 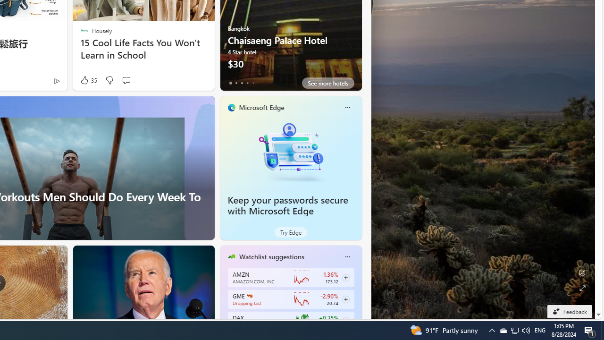 I want to click on '35 Like', so click(x=88, y=80).